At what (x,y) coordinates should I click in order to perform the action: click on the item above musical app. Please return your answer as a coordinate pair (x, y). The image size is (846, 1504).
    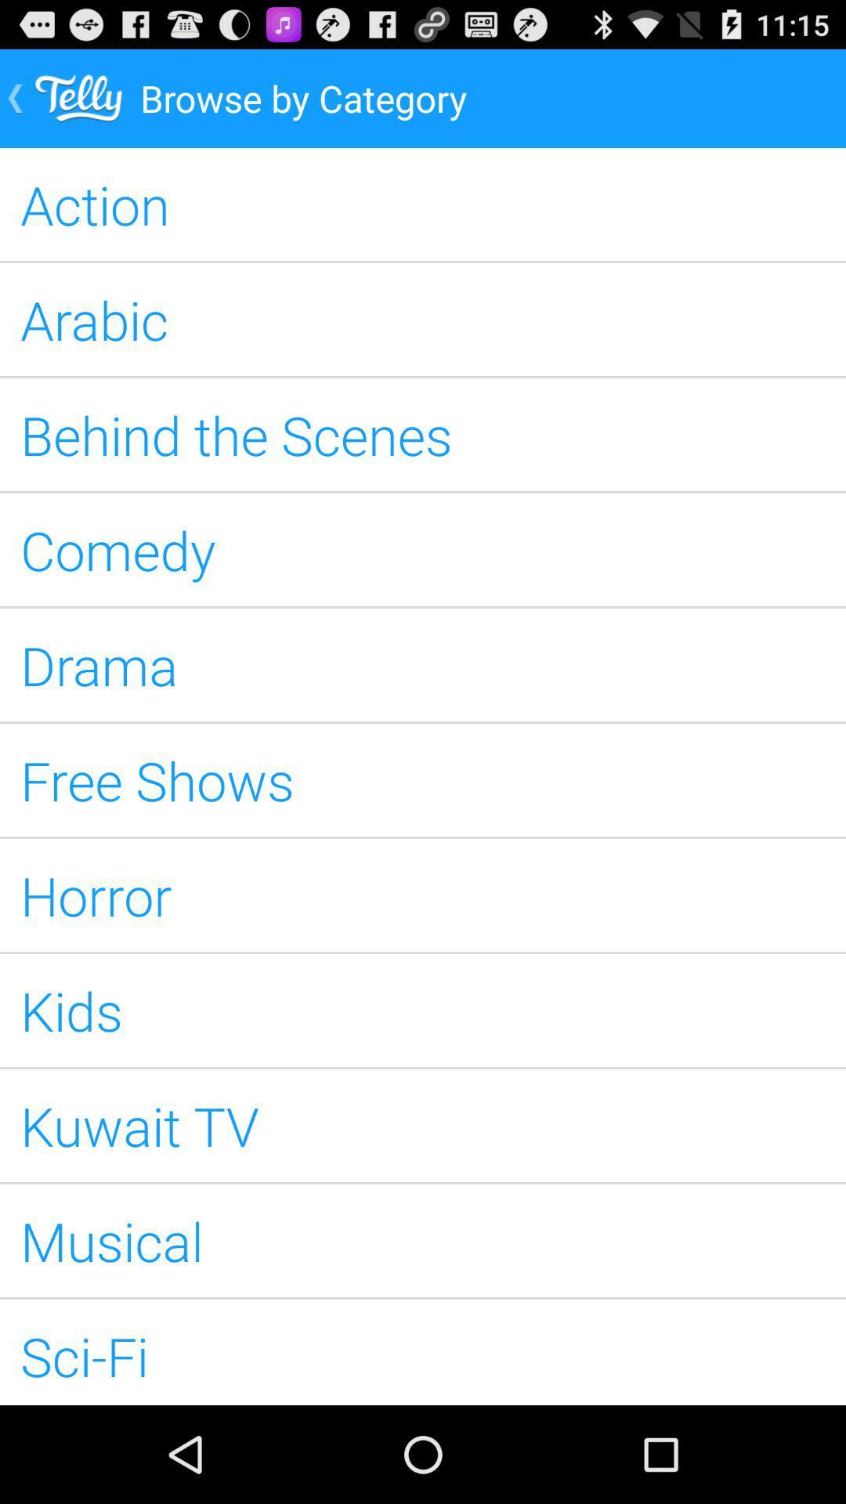
    Looking at the image, I should click on (423, 1124).